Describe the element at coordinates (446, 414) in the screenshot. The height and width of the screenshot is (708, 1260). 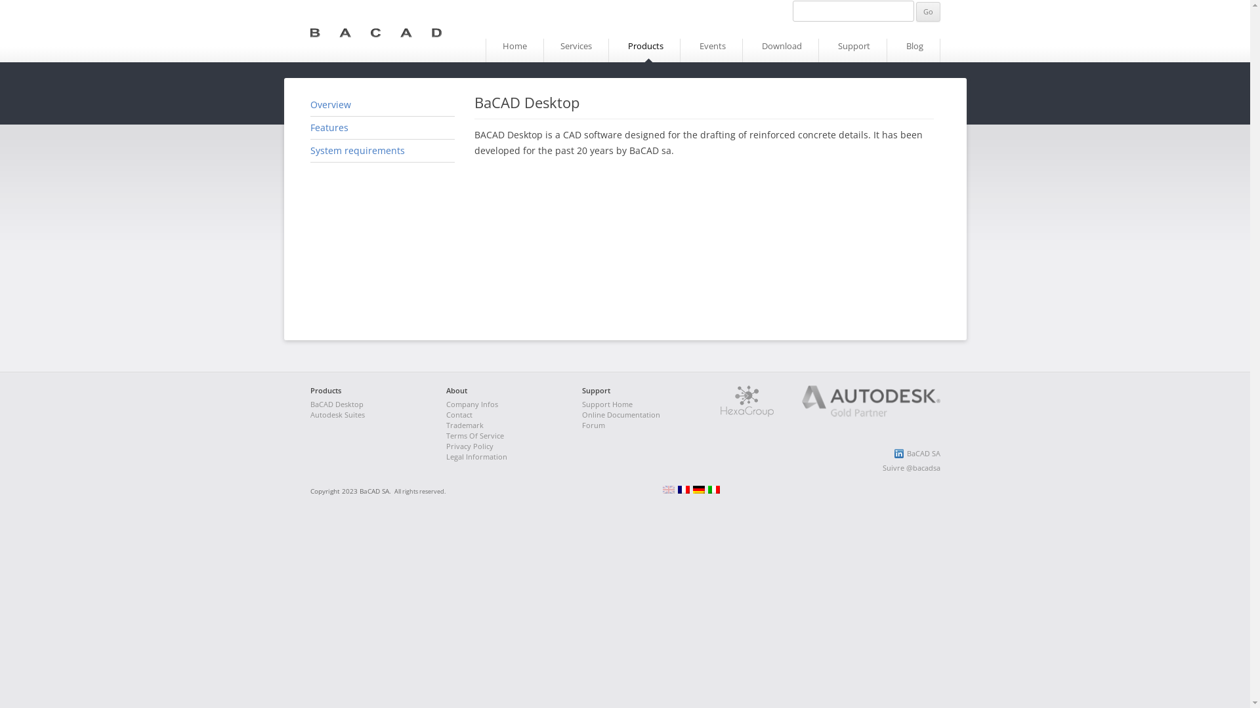
I see `'Contact'` at that location.